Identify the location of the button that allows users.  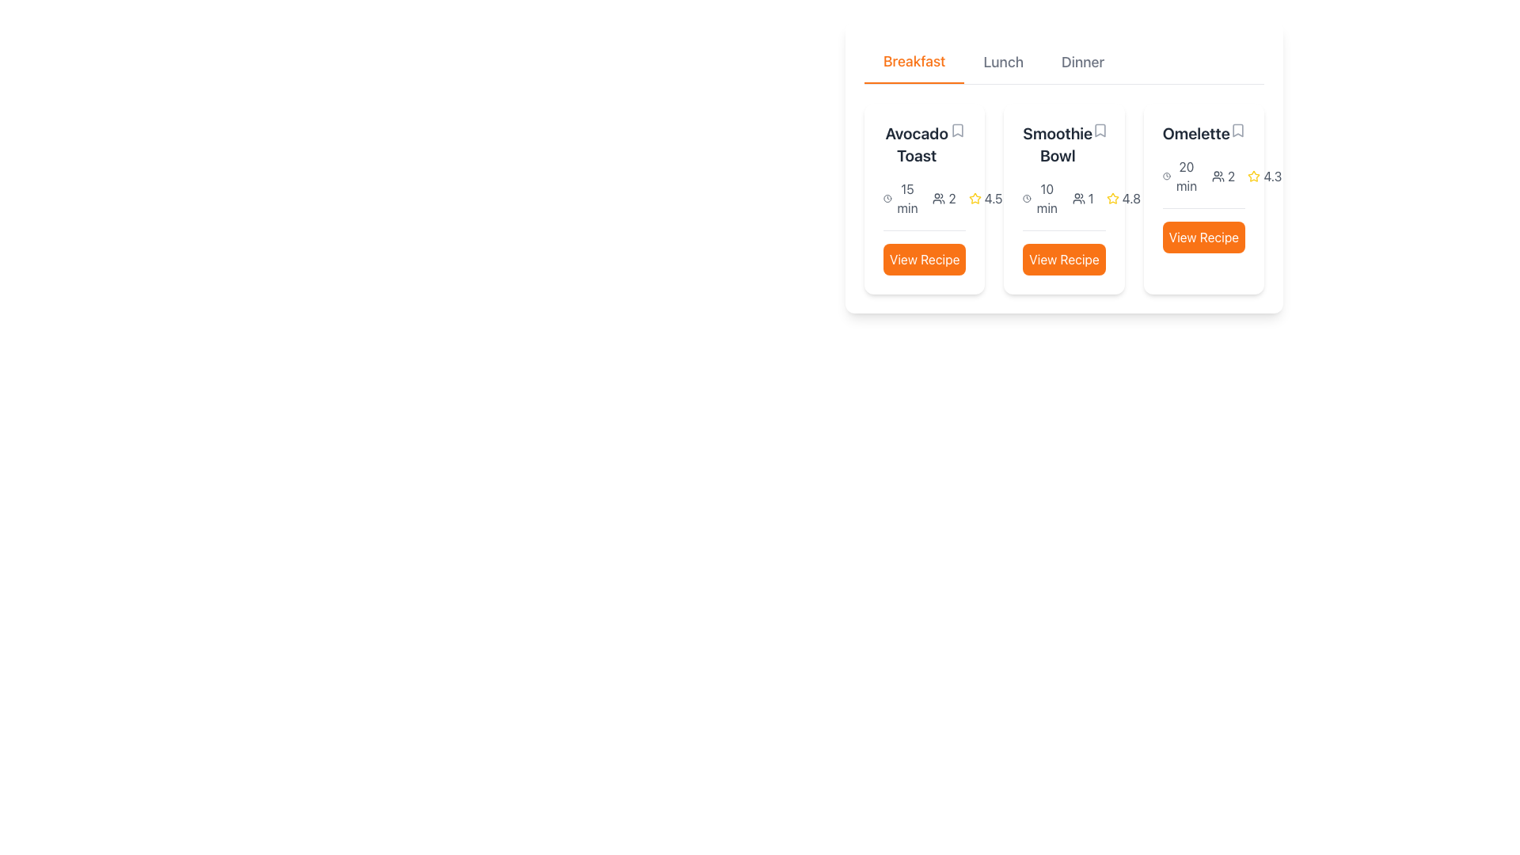
(1203, 237).